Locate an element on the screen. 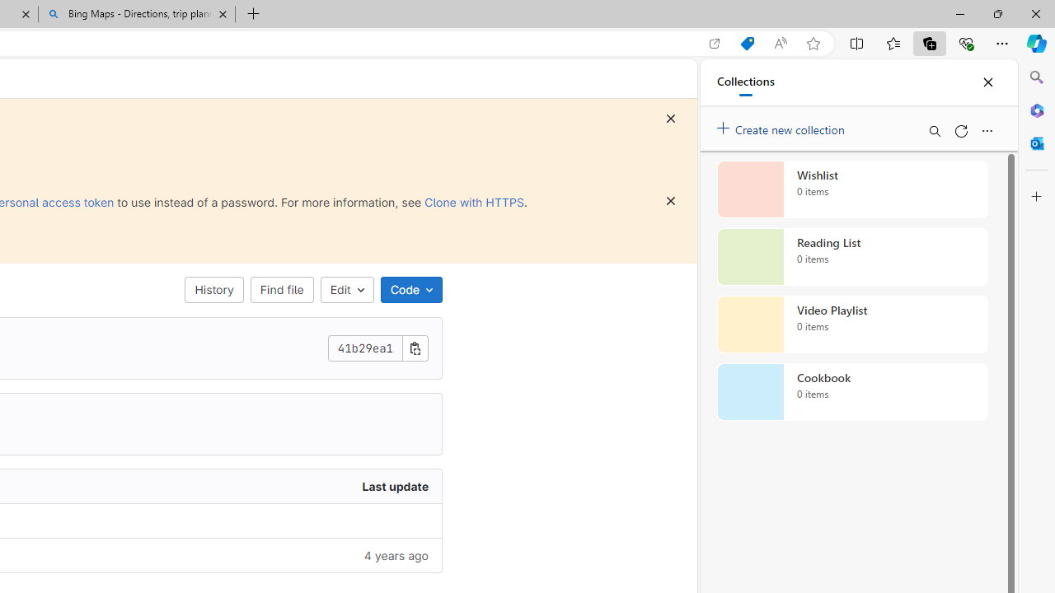  'Copy commit SHA' is located at coordinates (415, 348).